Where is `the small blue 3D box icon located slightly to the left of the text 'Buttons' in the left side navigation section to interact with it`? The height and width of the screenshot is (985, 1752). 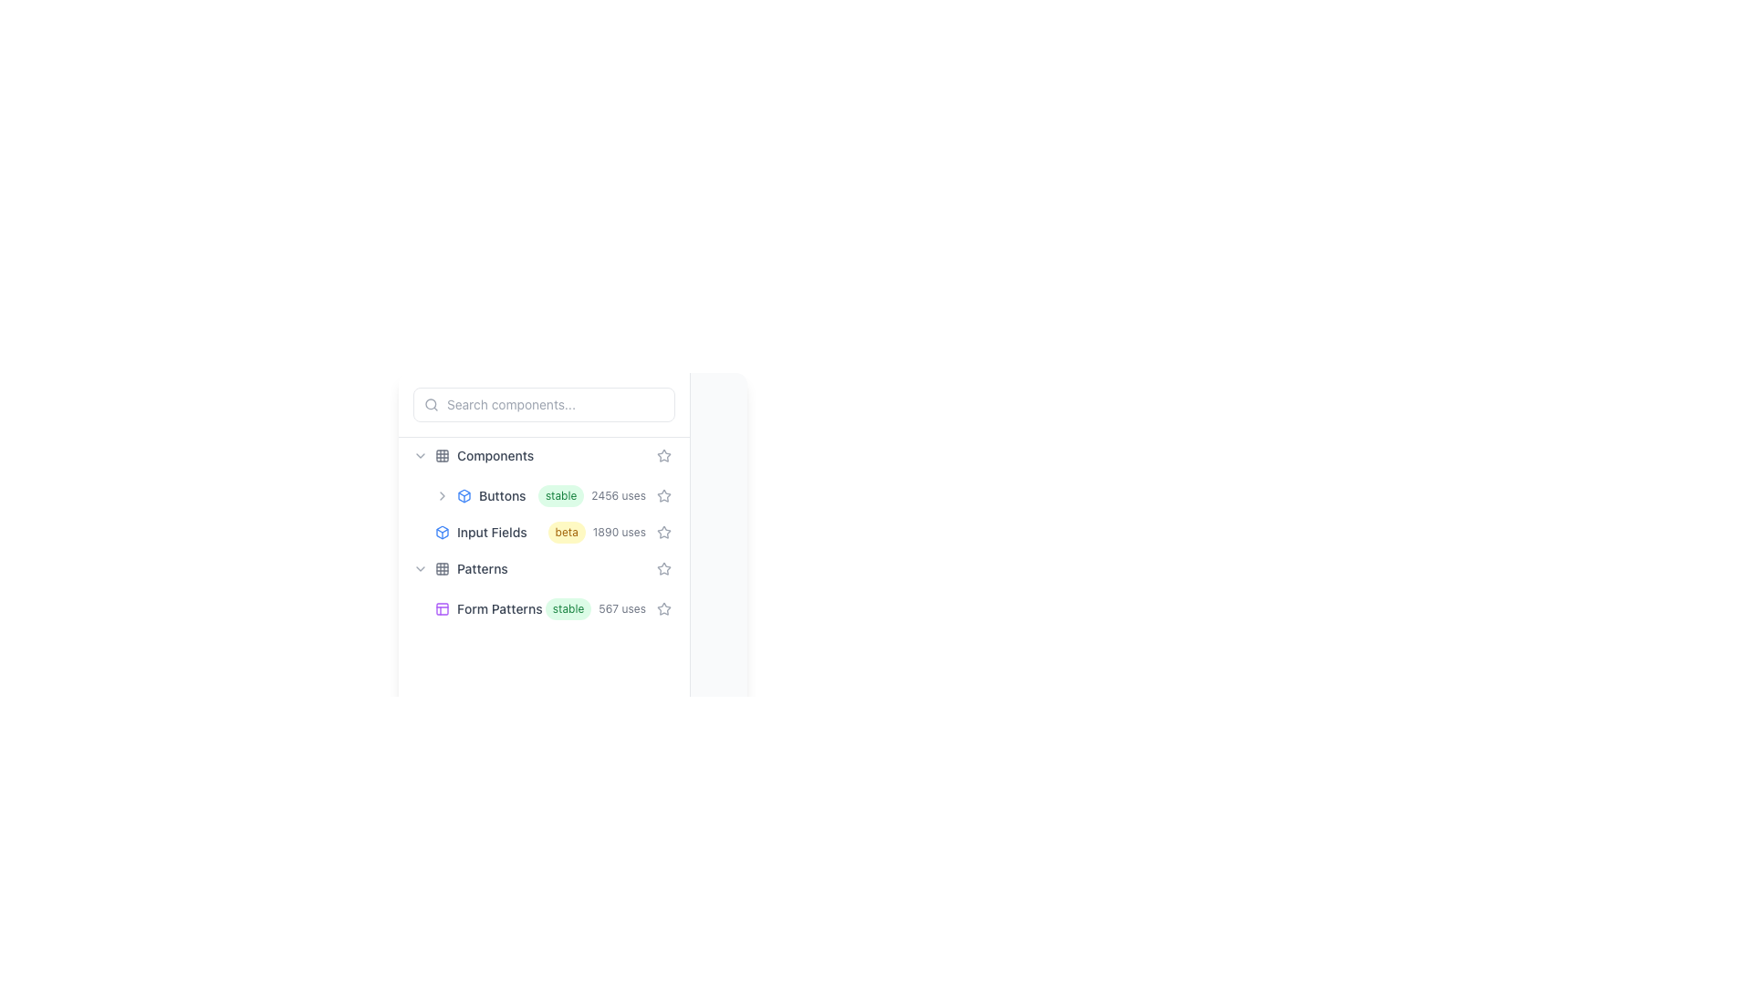
the small blue 3D box icon located slightly to the left of the text 'Buttons' in the left side navigation section to interact with it is located at coordinates (464, 495).